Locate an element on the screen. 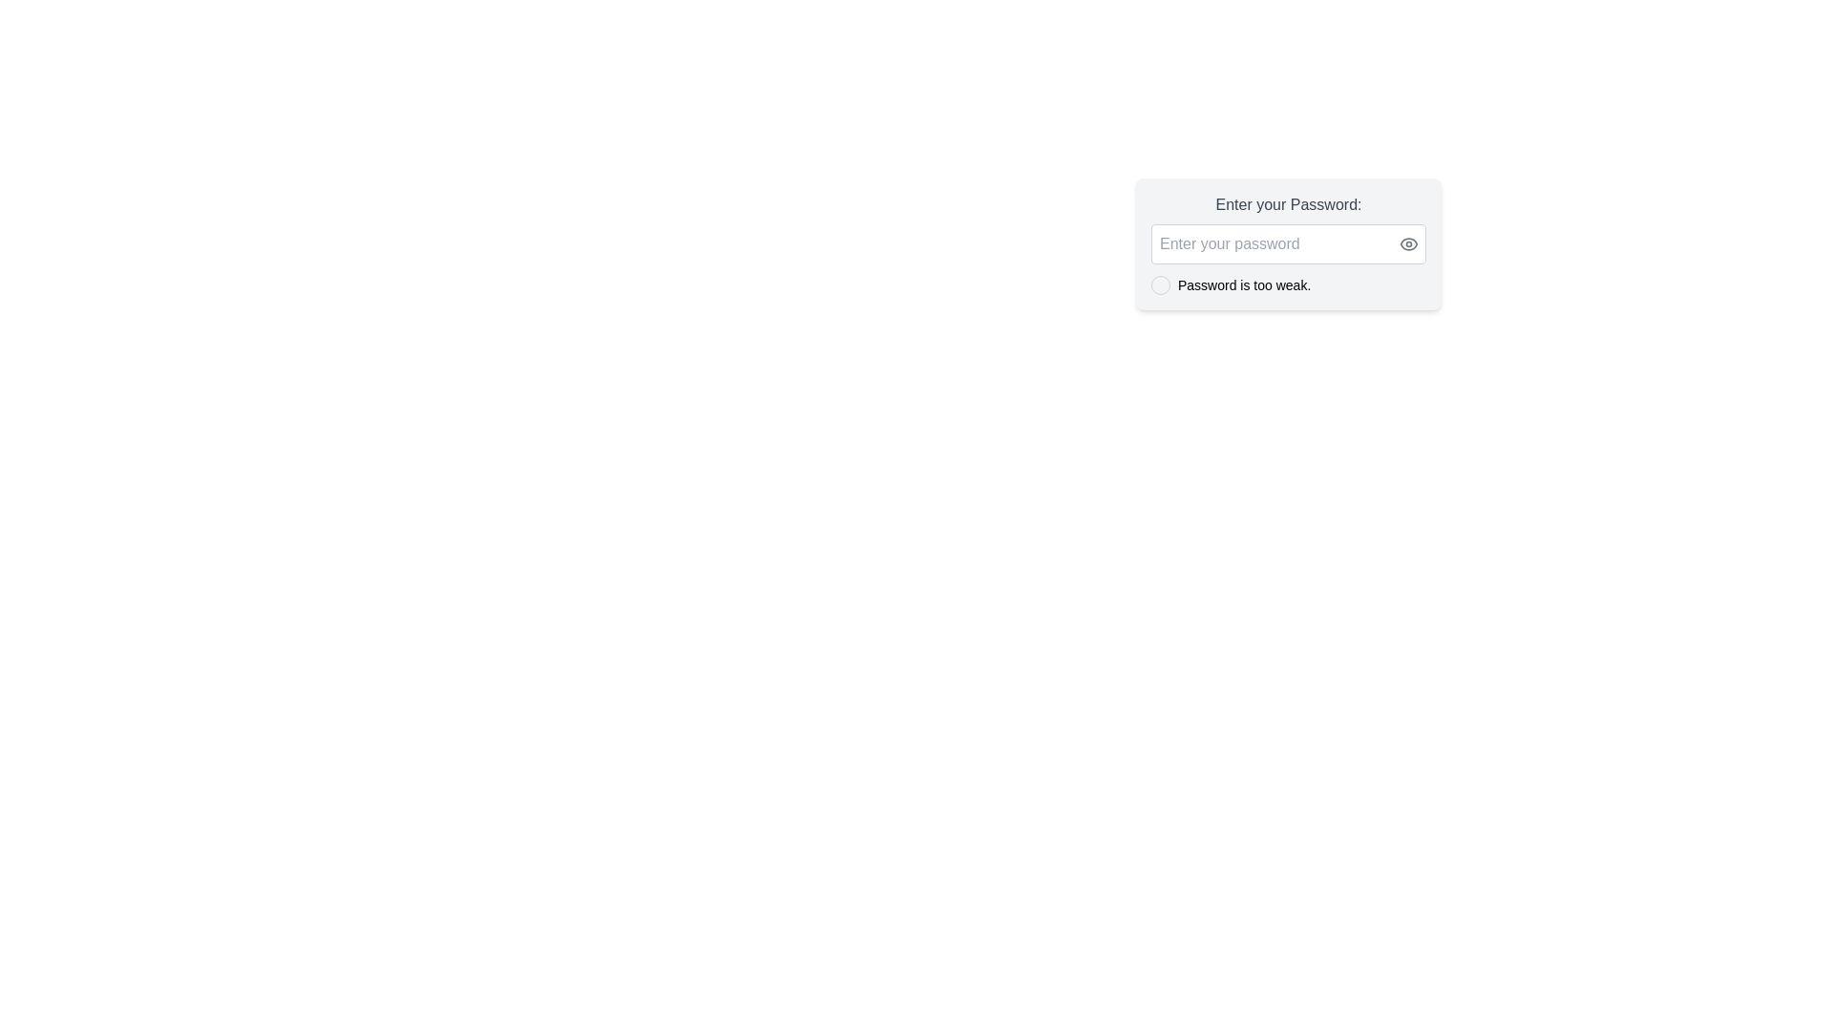 The width and height of the screenshot is (1833, 1031). the toggle visibility button located on the right side of the password input field to switch between masked and plain text display is located at coordinates (1409, 242).